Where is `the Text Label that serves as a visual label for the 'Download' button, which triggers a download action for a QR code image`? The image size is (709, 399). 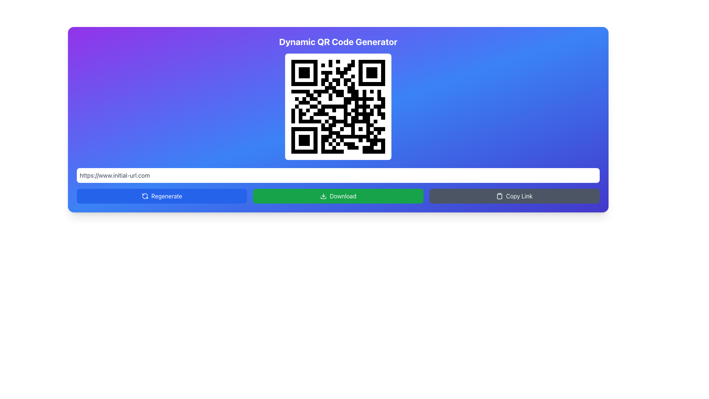 the Text Label that serves as a visual label for the 'Download' button, which triggers a download action for a QR code image is located at coordinates (342, 196).